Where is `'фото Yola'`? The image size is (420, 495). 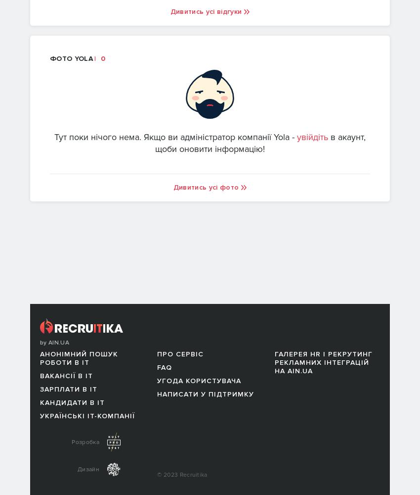
'фото Yola' is located at coordinates (49, 57).